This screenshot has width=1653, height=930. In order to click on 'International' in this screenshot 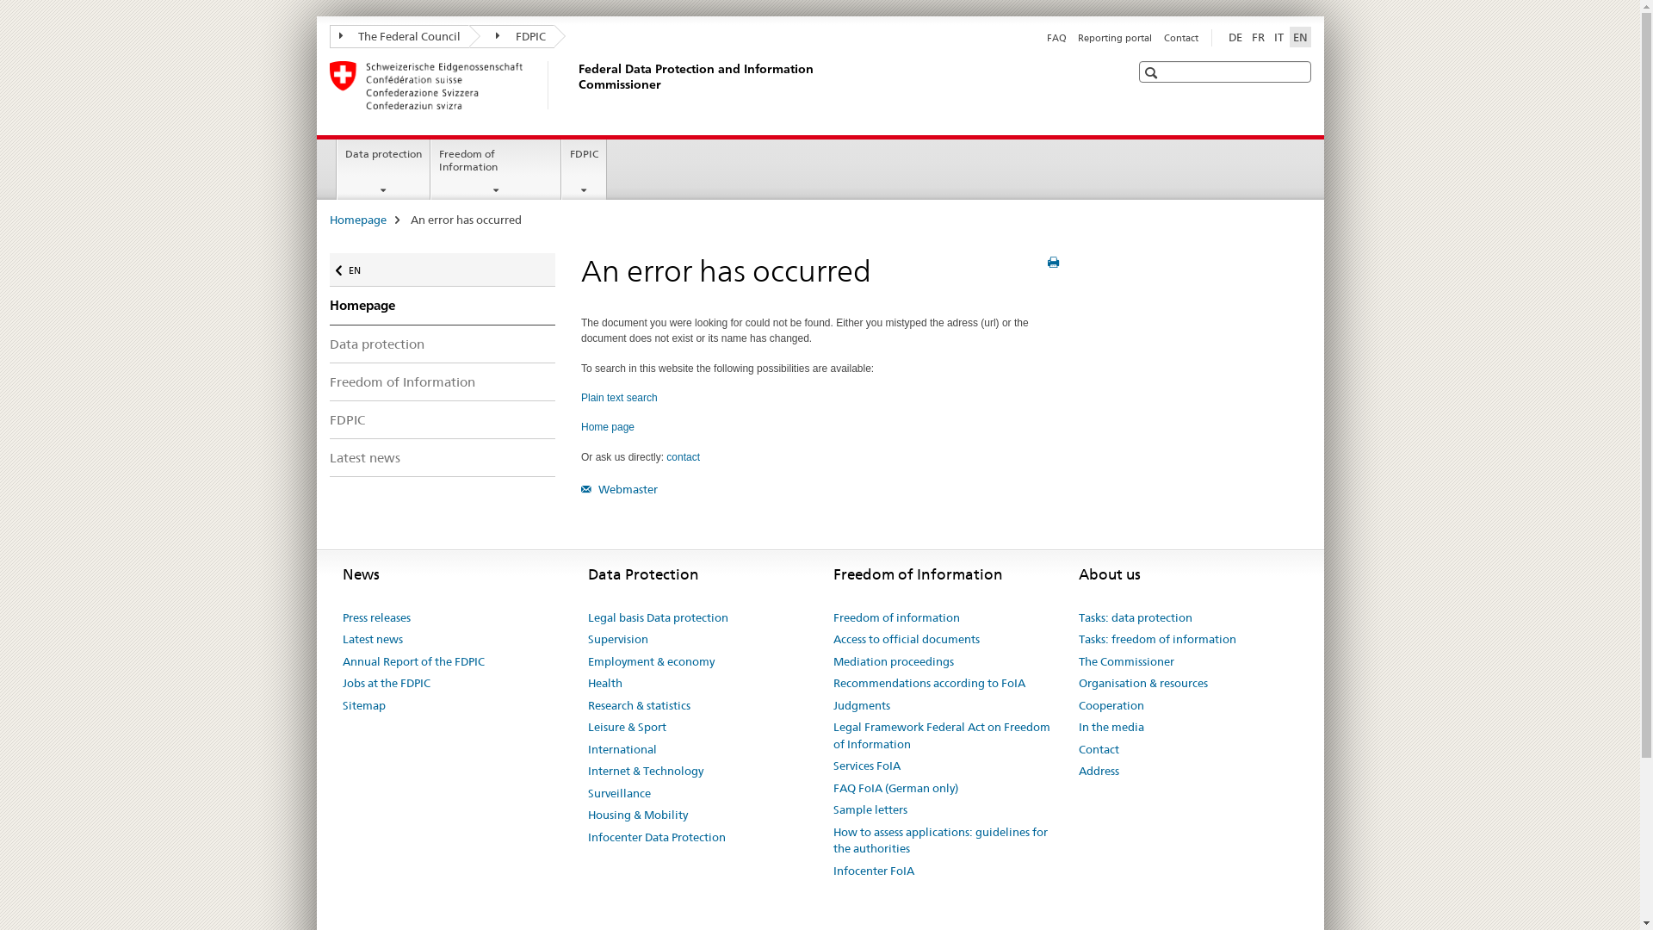, I will do `click(620, 749)`.